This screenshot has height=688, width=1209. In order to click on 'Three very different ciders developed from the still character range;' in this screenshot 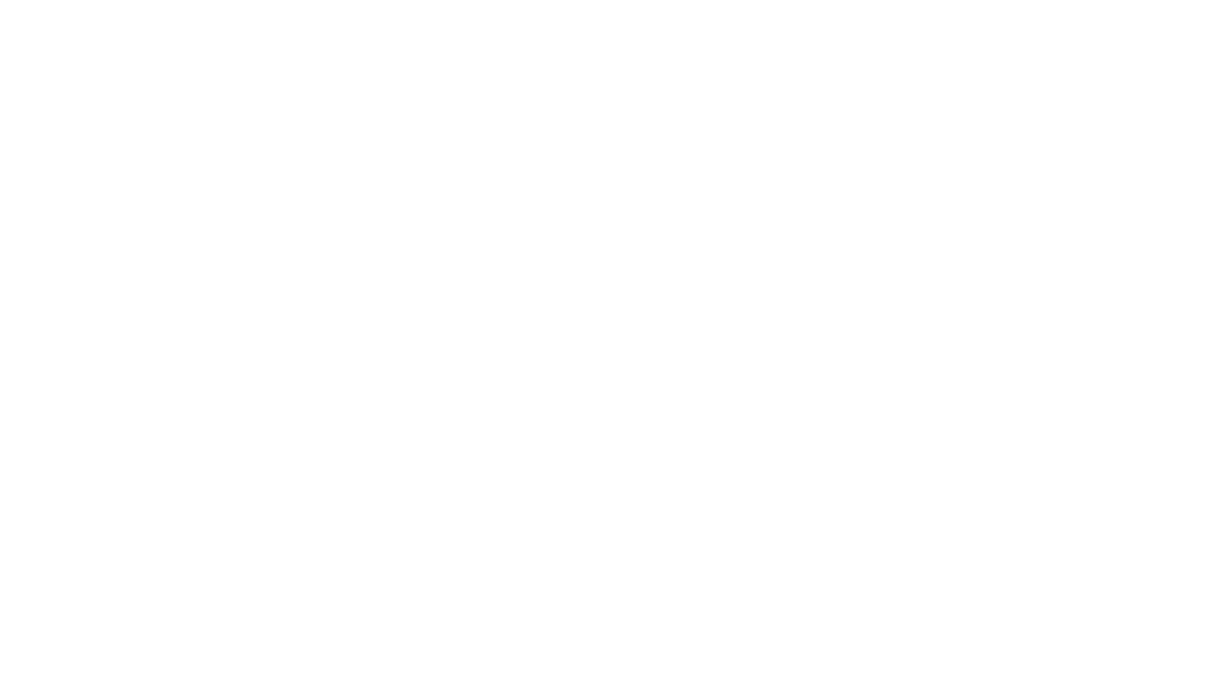, I will do `click(400, 129)`.